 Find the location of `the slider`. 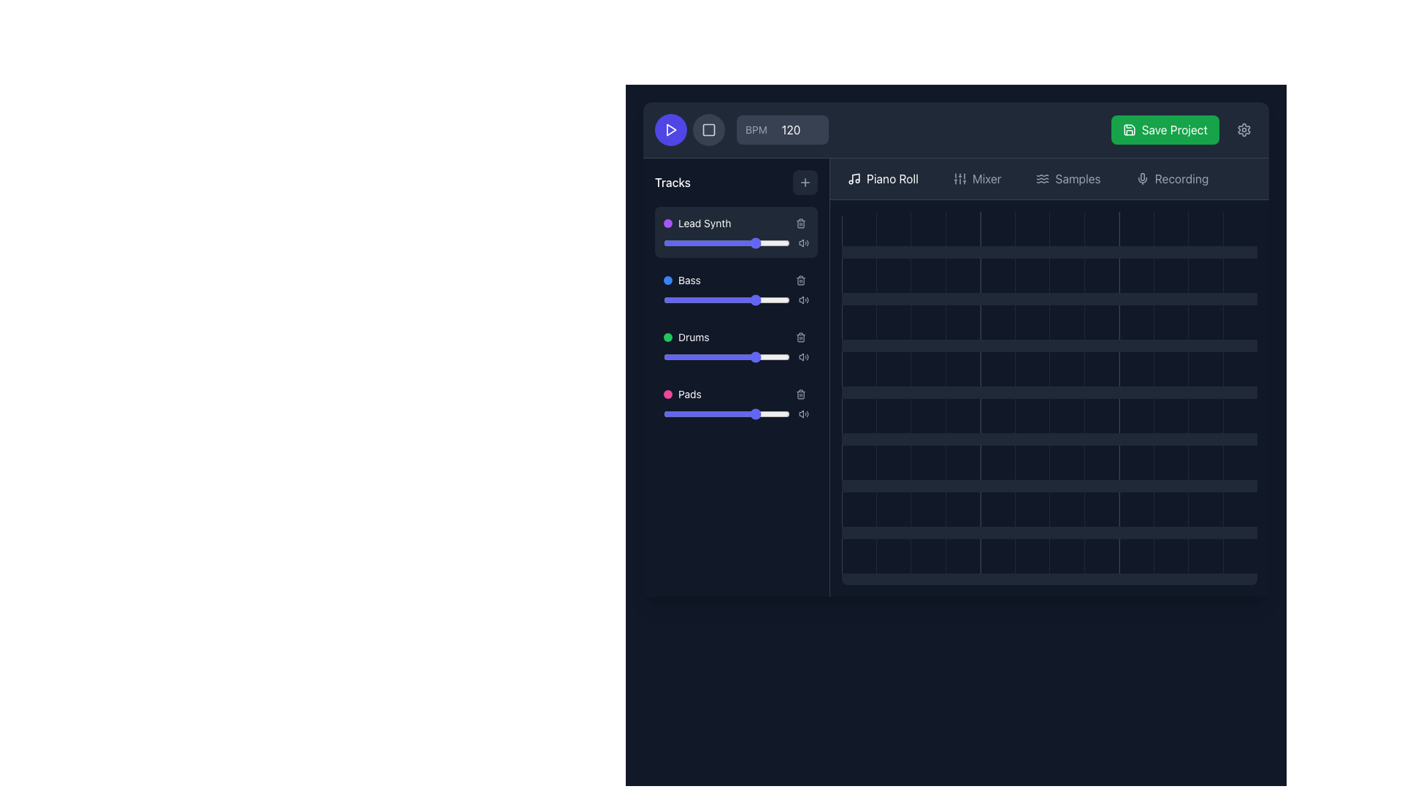

the slider is located at coordinates (706, 357).